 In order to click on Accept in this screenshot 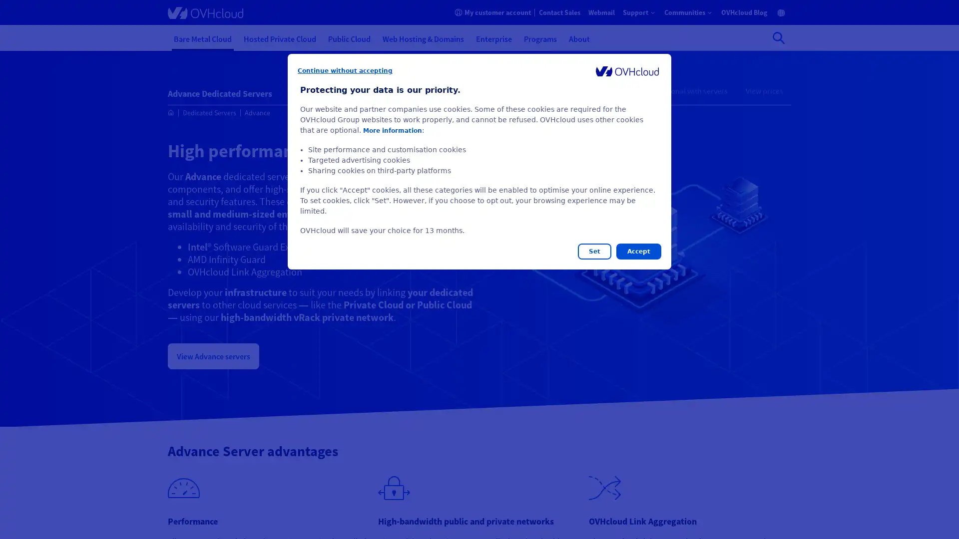, I will do `click(638, 251)`.